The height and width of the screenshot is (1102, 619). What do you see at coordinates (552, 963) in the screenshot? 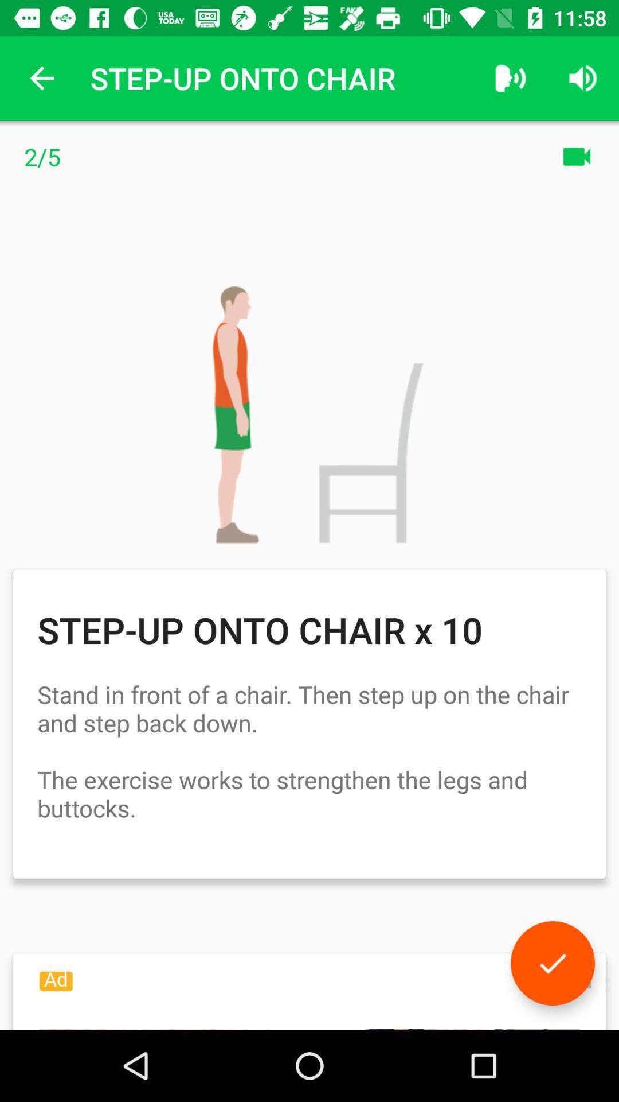
I see `the check icon` at bounding box center [552, 963].